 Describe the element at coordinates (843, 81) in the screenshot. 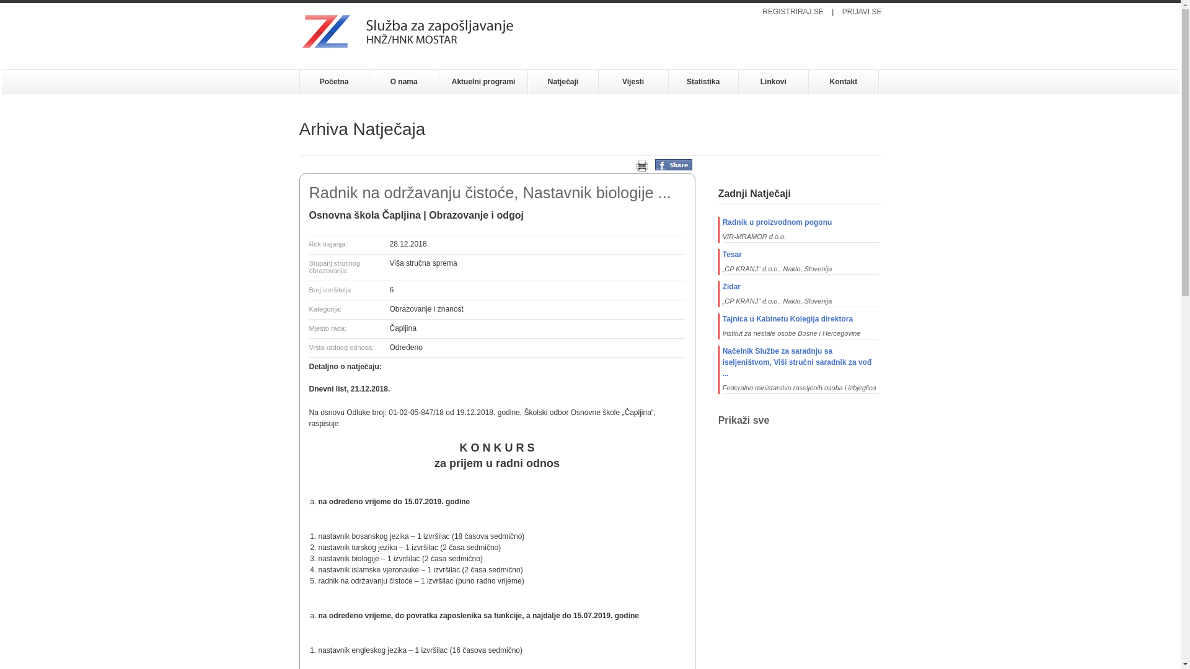

I see `'Kontakt'` at that location.